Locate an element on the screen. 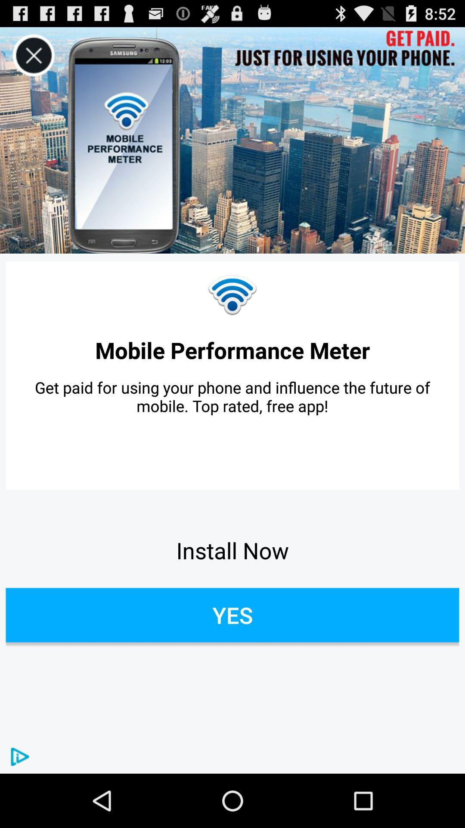 This screenshot has height=828, width=465. the close icon is located at coordinates (33, 59).